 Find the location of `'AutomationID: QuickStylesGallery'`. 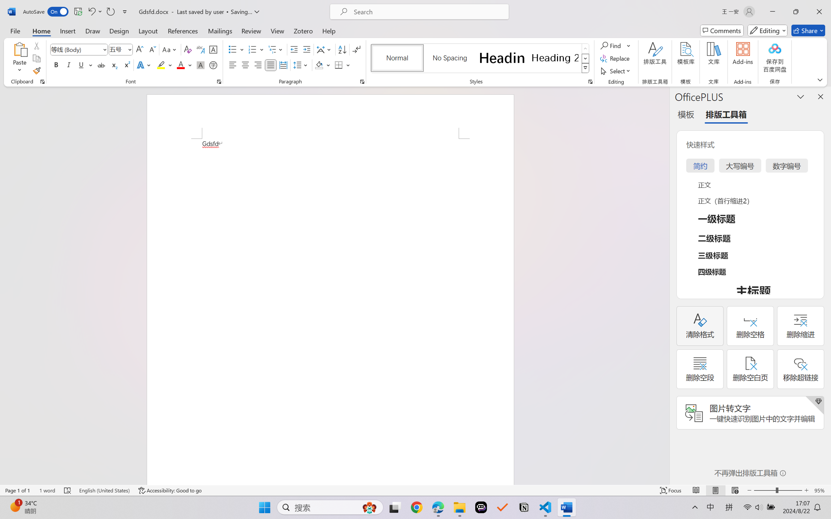

'AutomationID: QuickStylesGallery' is located at coordinates (480, 58).